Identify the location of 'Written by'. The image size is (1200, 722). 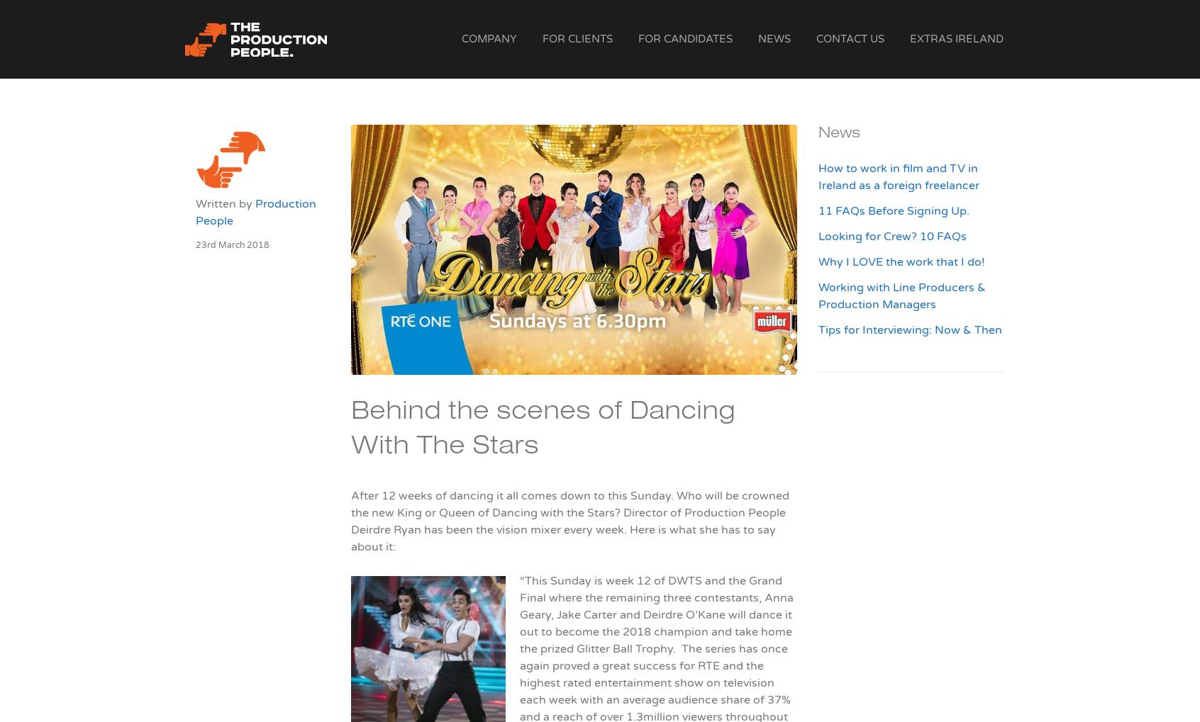
(224, 202).